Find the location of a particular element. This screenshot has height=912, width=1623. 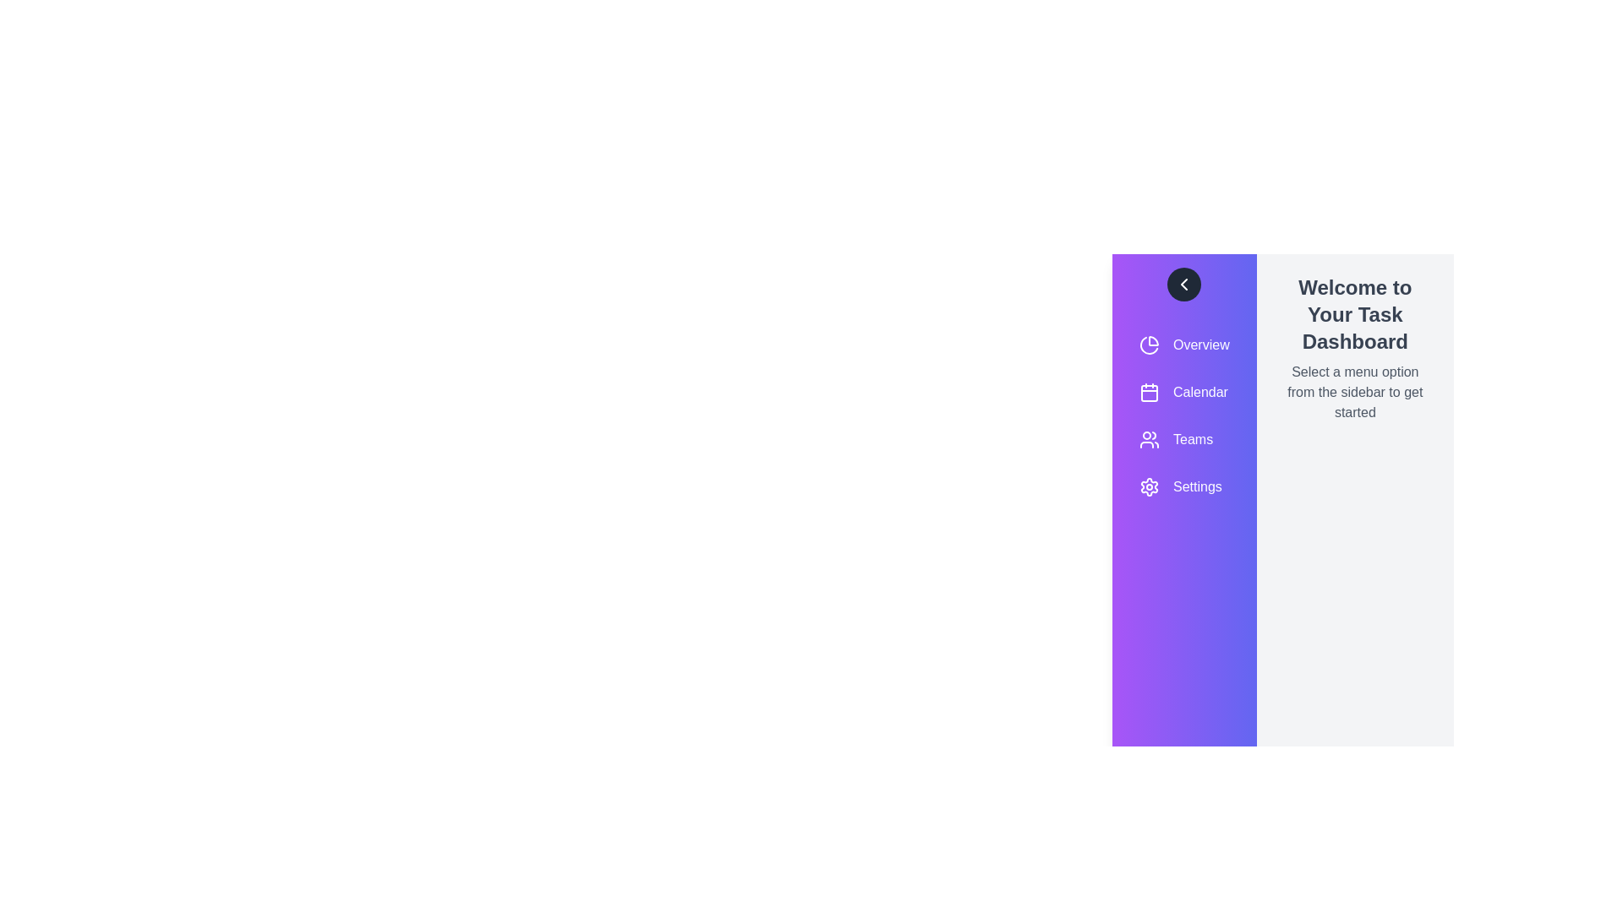

the menu item Calendar from the sidebar is located at coordinates (1183, 393).